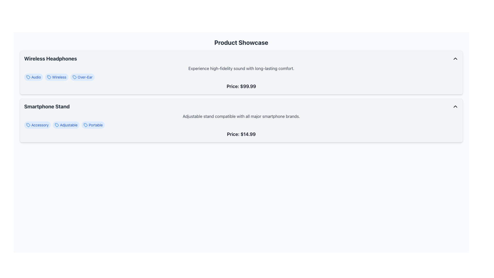  I want to click on the small blue tag-like icon that is styled with a text-blue-500 class, located immediately before the text 'Wireless', so click(49, 77).